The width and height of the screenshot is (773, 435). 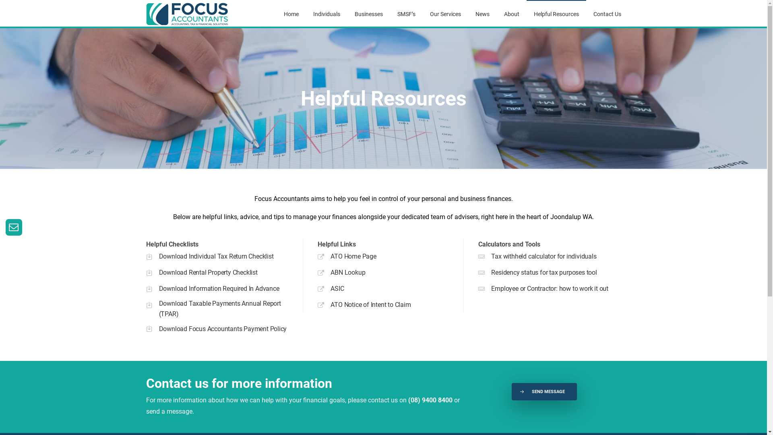 I want to click on 'SEND MESSAGE', so click(x=511, y=391).